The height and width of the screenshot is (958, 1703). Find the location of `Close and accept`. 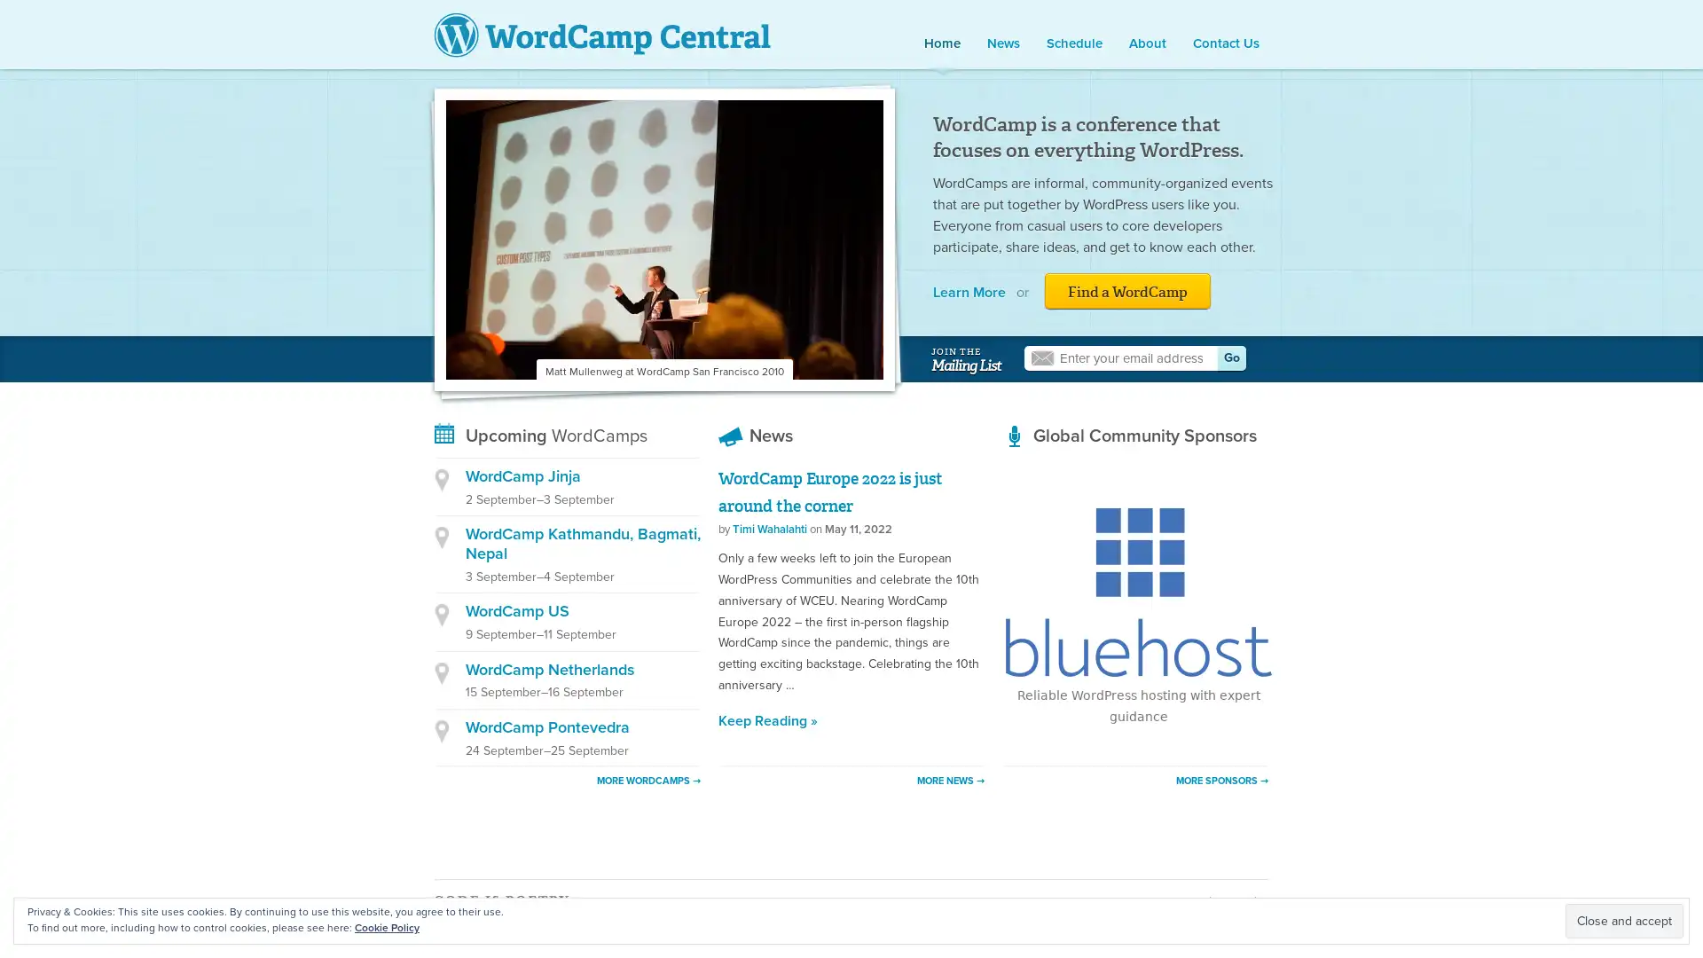

Close and accept is located at coordinates (1624, 920).